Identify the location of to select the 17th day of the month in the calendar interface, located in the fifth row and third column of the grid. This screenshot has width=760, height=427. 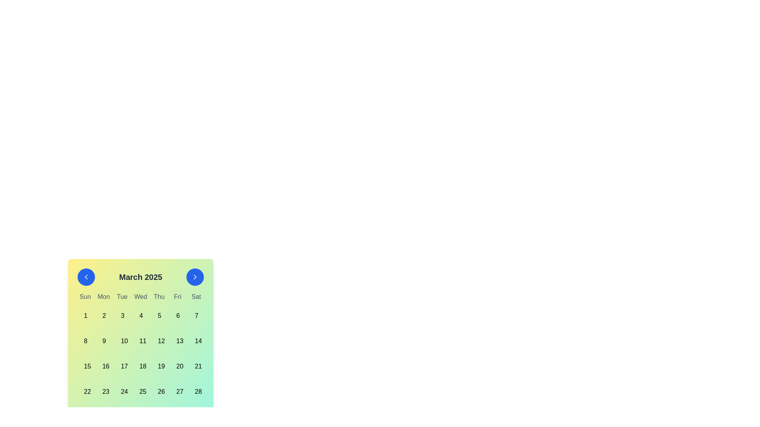
(122, 366).